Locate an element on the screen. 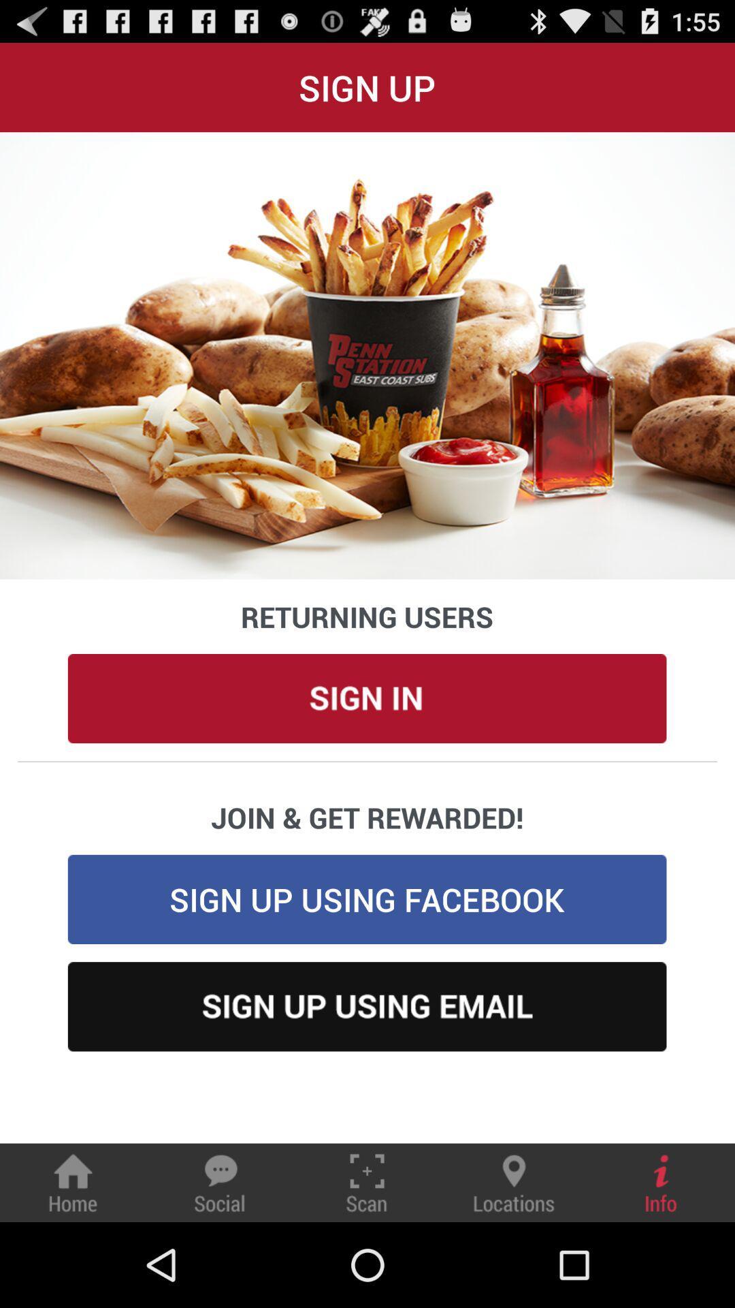 The height and width of the screenshot is (1308, 735). social right to home is located at coordinates (219, 1182).